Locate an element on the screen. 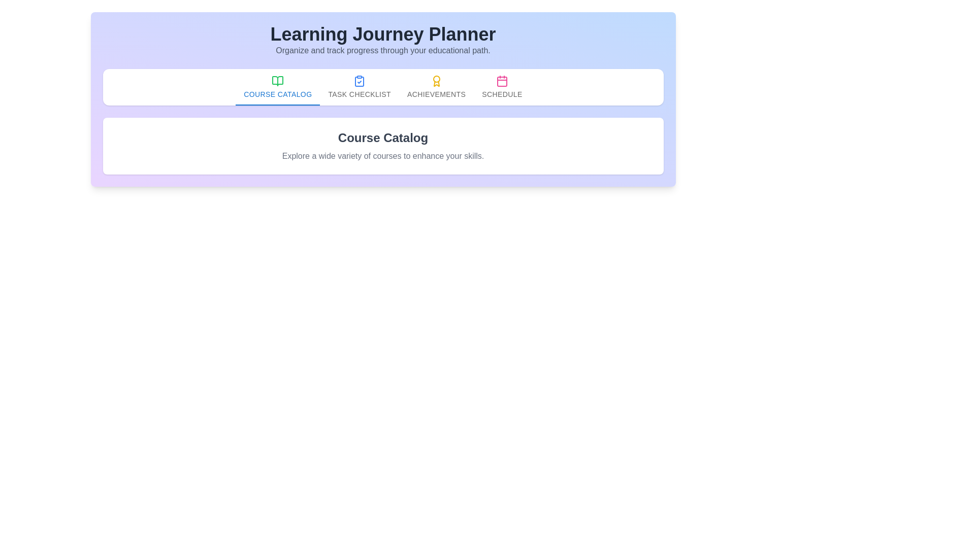 The height and width of the screenshot is (548, 975). the calendar icon with a pink outline located in the fourth tab labeled 'Schedule' in the top navigation bar is located at coordinates (502, 81).